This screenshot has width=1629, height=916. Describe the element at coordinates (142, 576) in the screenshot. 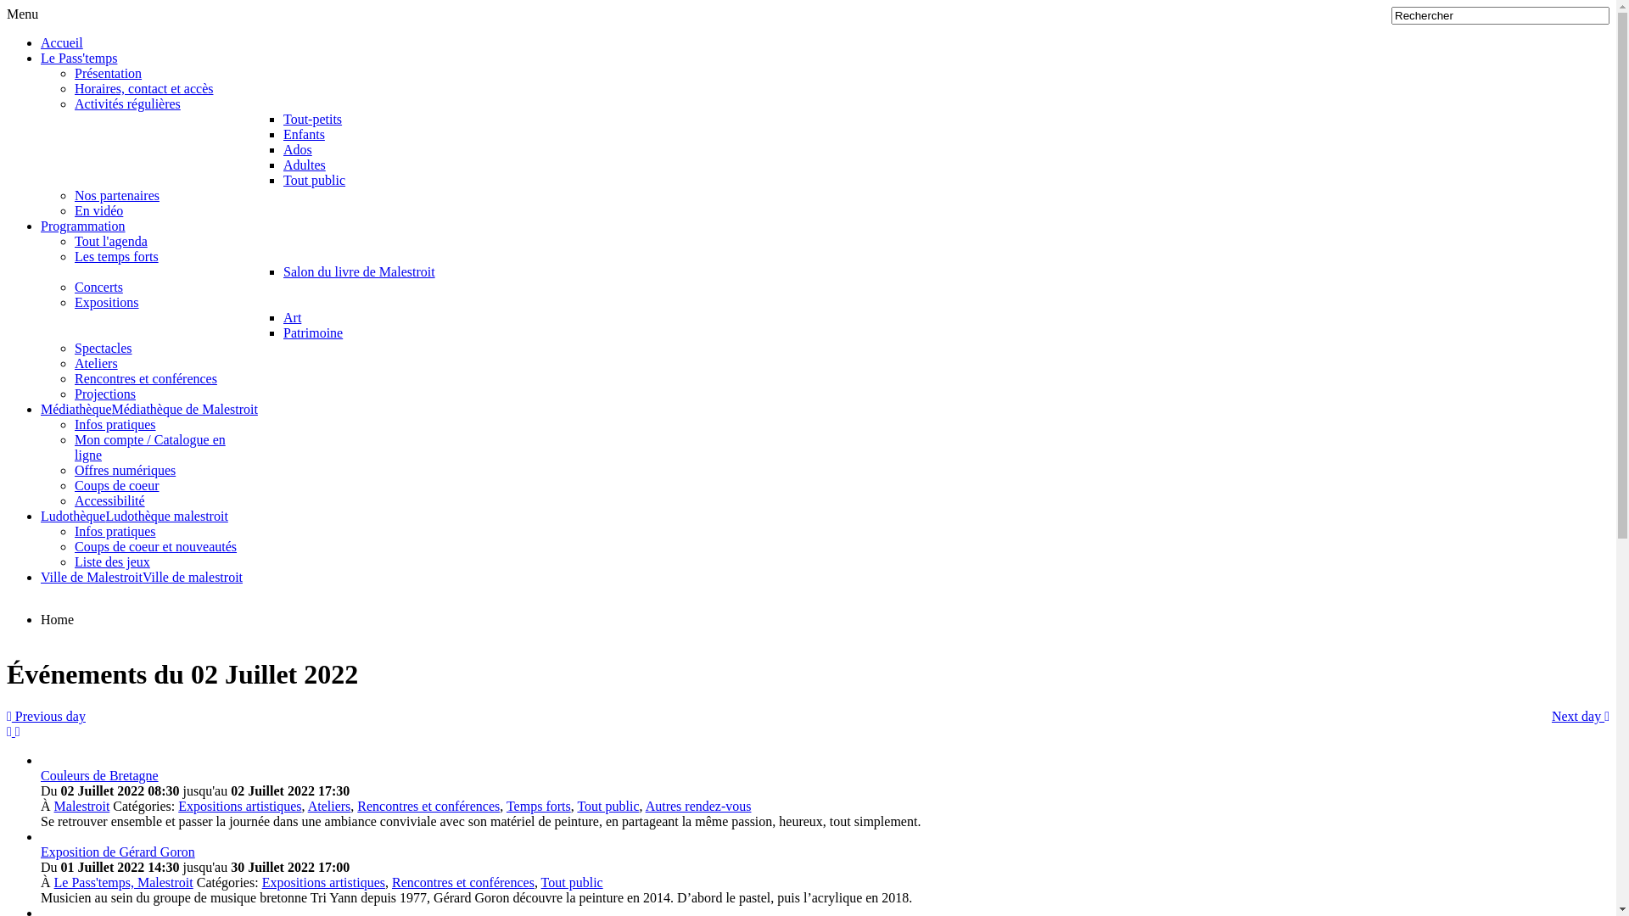

I see `'Ville de MalestroitVille de malestroit'` at that location.